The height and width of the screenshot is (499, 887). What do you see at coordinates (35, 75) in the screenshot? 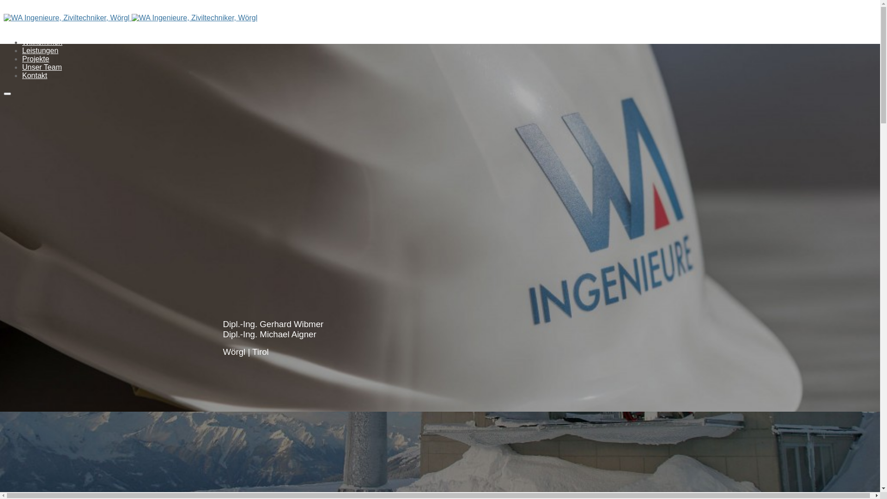
I see `'Kontakt'` at bounding box center [35, 75].